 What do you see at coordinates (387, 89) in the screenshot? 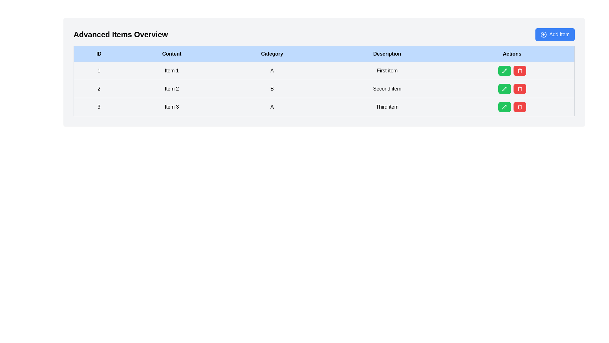
I see `the Text label that displays the description of the second item in the 'Advanced Items Overview' table, located in the 'Description' column of the second row, under the 'Category' column content 'B'` at bounding box center [387, 89].